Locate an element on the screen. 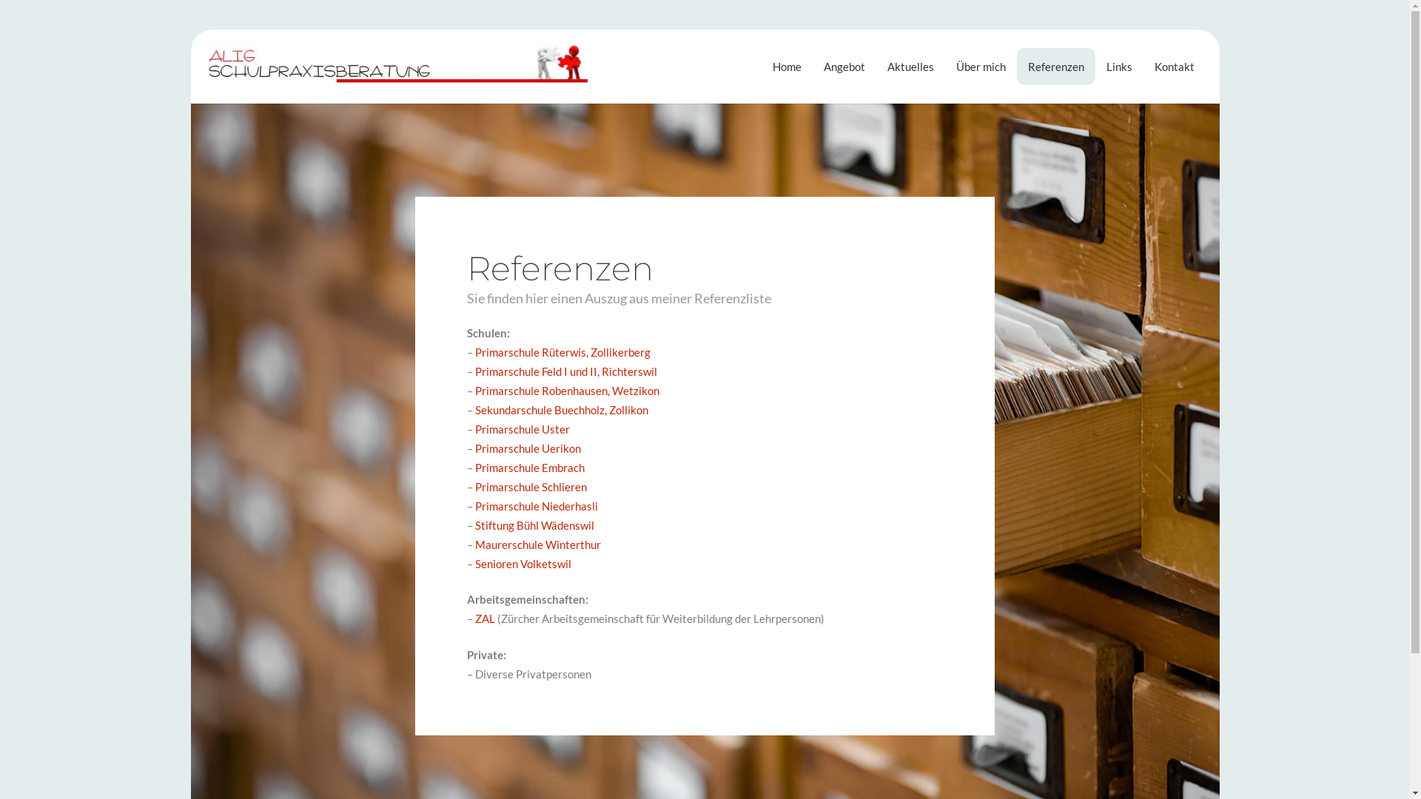 The width and height of the screenshot is (1421, 799). 'Maurerschule Winterthur' is located at coordinates (537, 545).